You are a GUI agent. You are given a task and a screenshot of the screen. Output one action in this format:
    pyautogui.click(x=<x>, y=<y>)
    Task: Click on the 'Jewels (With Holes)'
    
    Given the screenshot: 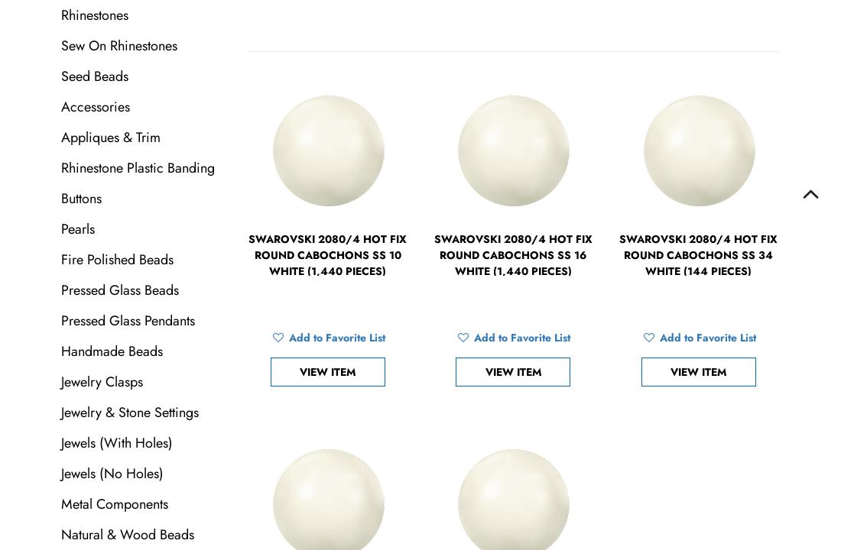 What is the action you would take?
    pyautogui.click(x=116, y=443)
    